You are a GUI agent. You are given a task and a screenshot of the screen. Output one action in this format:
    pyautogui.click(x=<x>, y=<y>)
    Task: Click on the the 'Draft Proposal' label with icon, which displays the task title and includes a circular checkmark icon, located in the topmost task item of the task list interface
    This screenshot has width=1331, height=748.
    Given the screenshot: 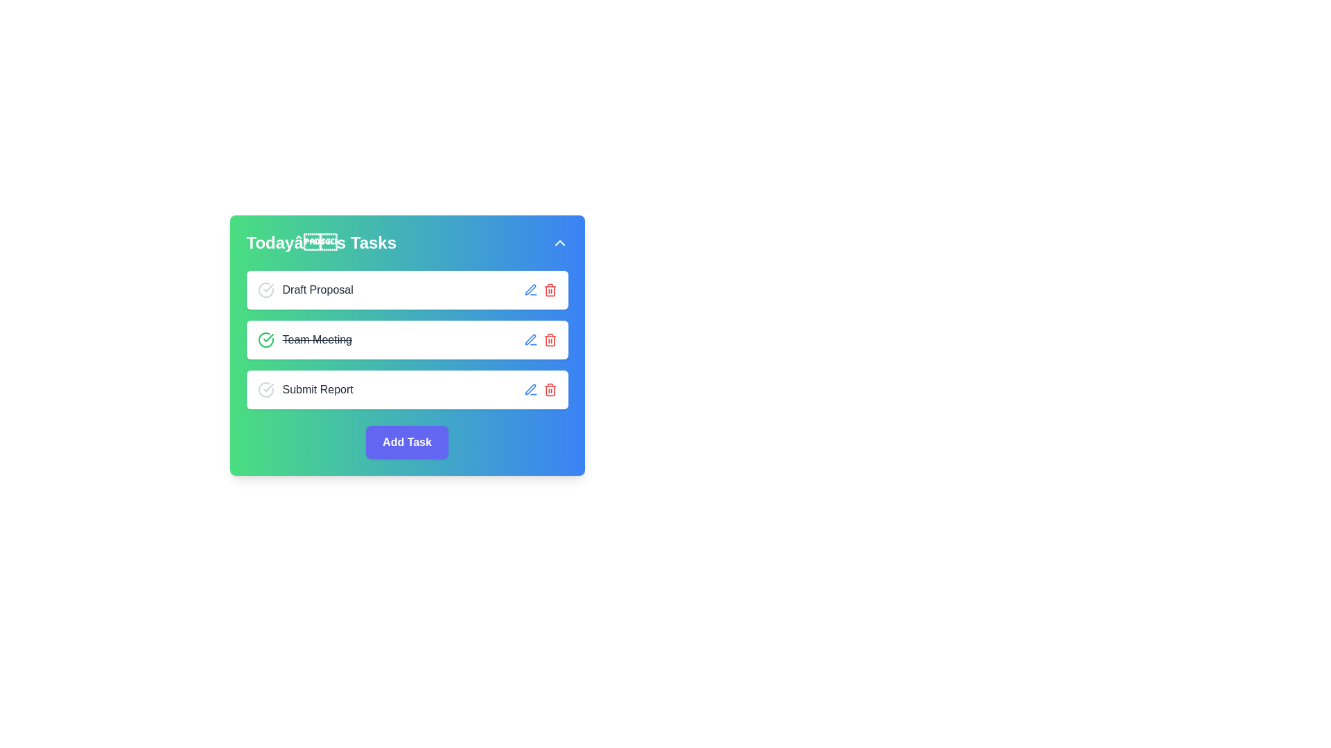 What is the action you would take?
    pyautogui.click(x=304, y=290)
    